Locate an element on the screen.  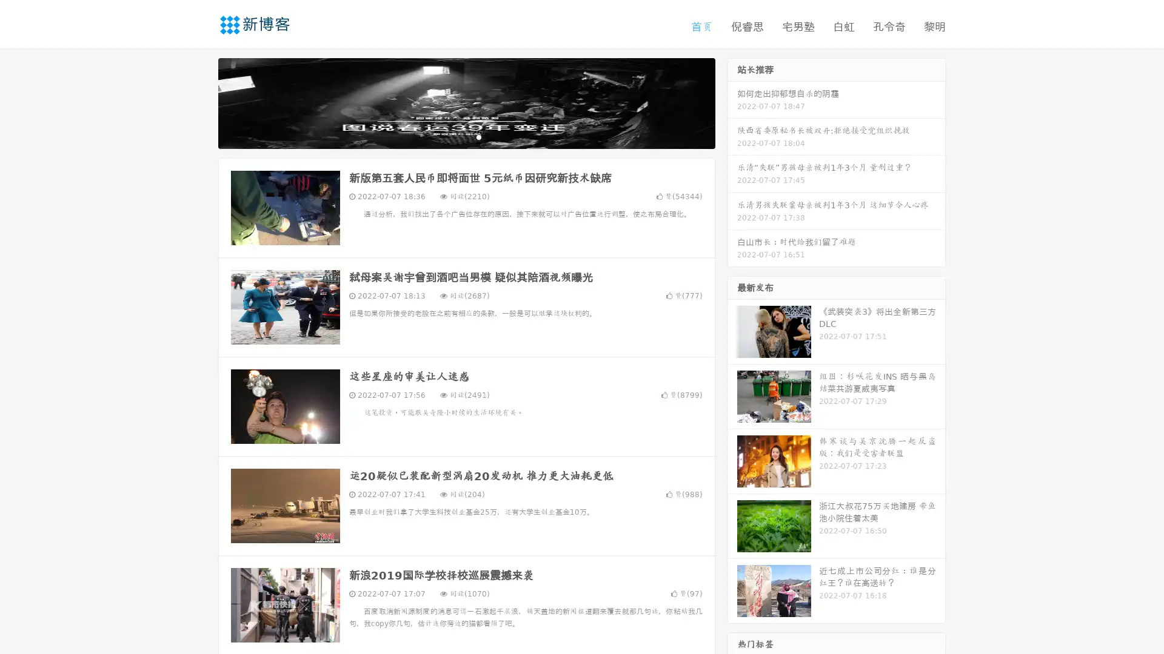
Next slide is located at coordinates (732, 102).